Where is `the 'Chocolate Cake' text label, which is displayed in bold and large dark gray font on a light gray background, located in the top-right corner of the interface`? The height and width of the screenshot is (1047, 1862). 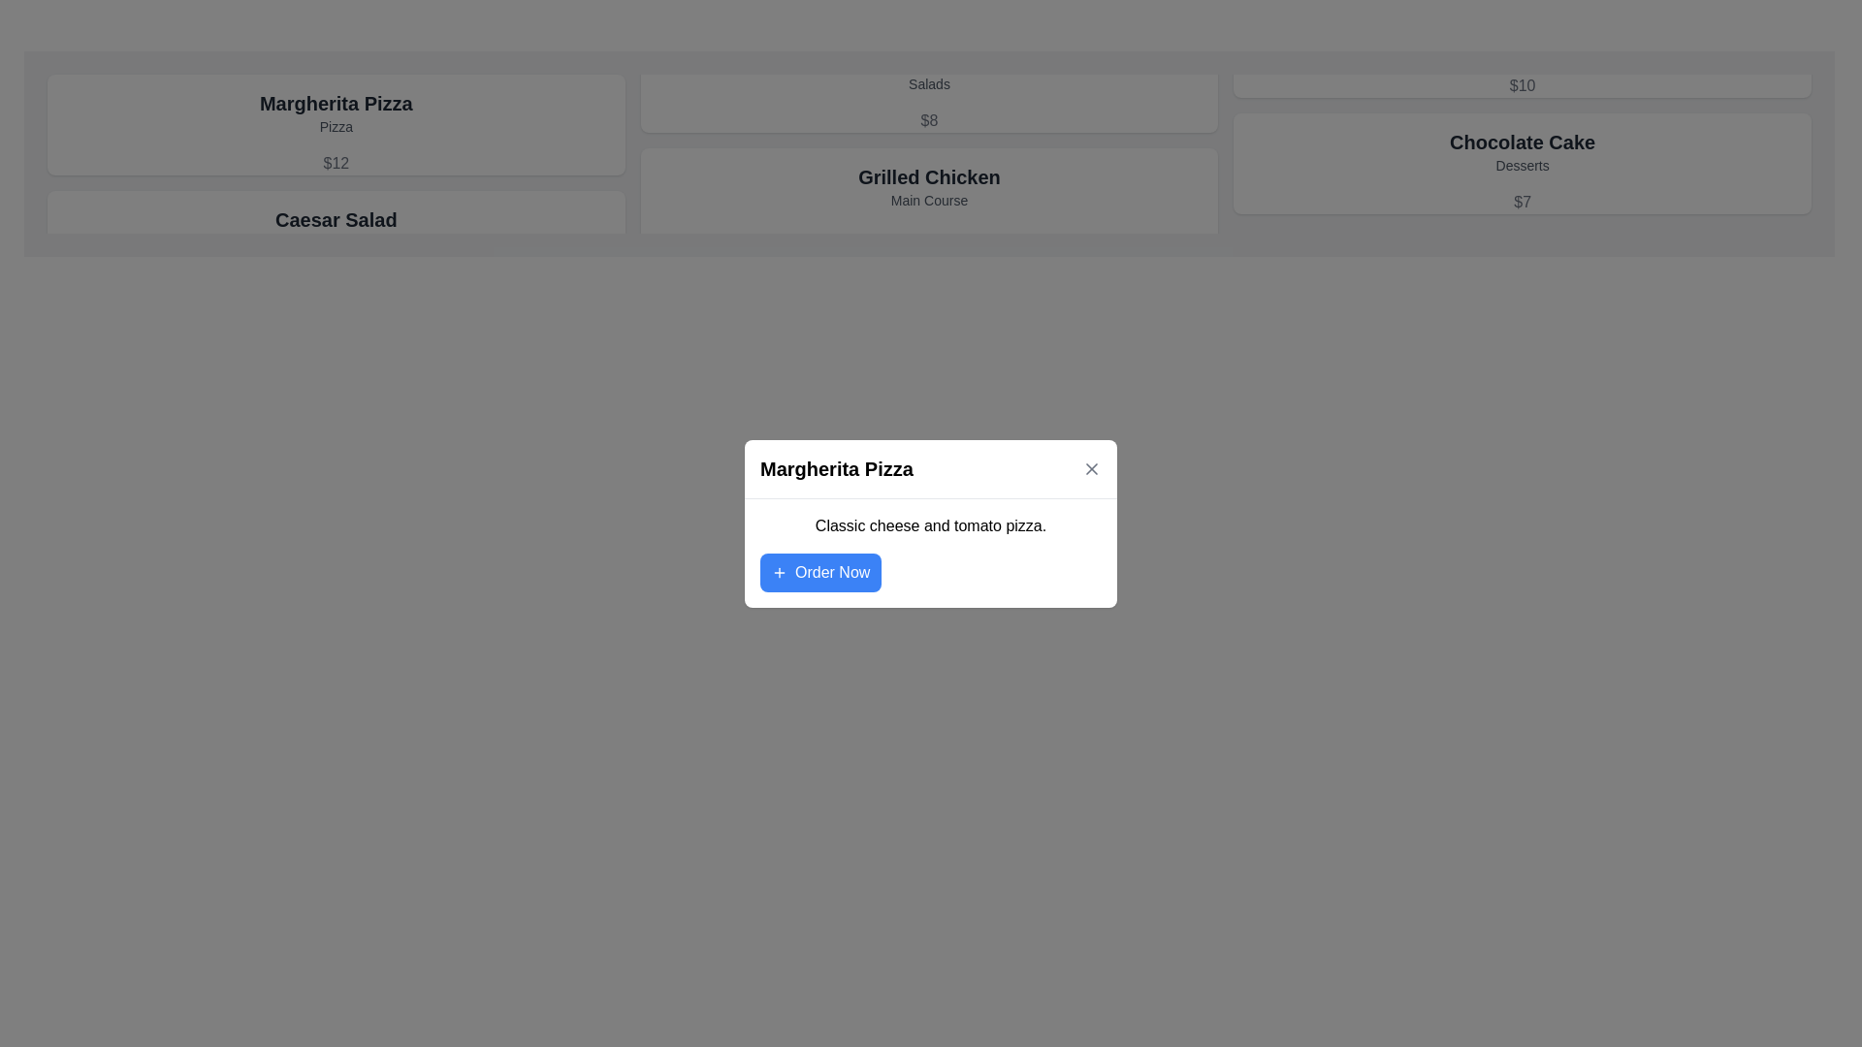 the 'Chocolate Cake' text label, which is displayed in bold and large dark gray font on a light gray background, located in the top-right corner of the interface is located at coordinates (1522, 141).